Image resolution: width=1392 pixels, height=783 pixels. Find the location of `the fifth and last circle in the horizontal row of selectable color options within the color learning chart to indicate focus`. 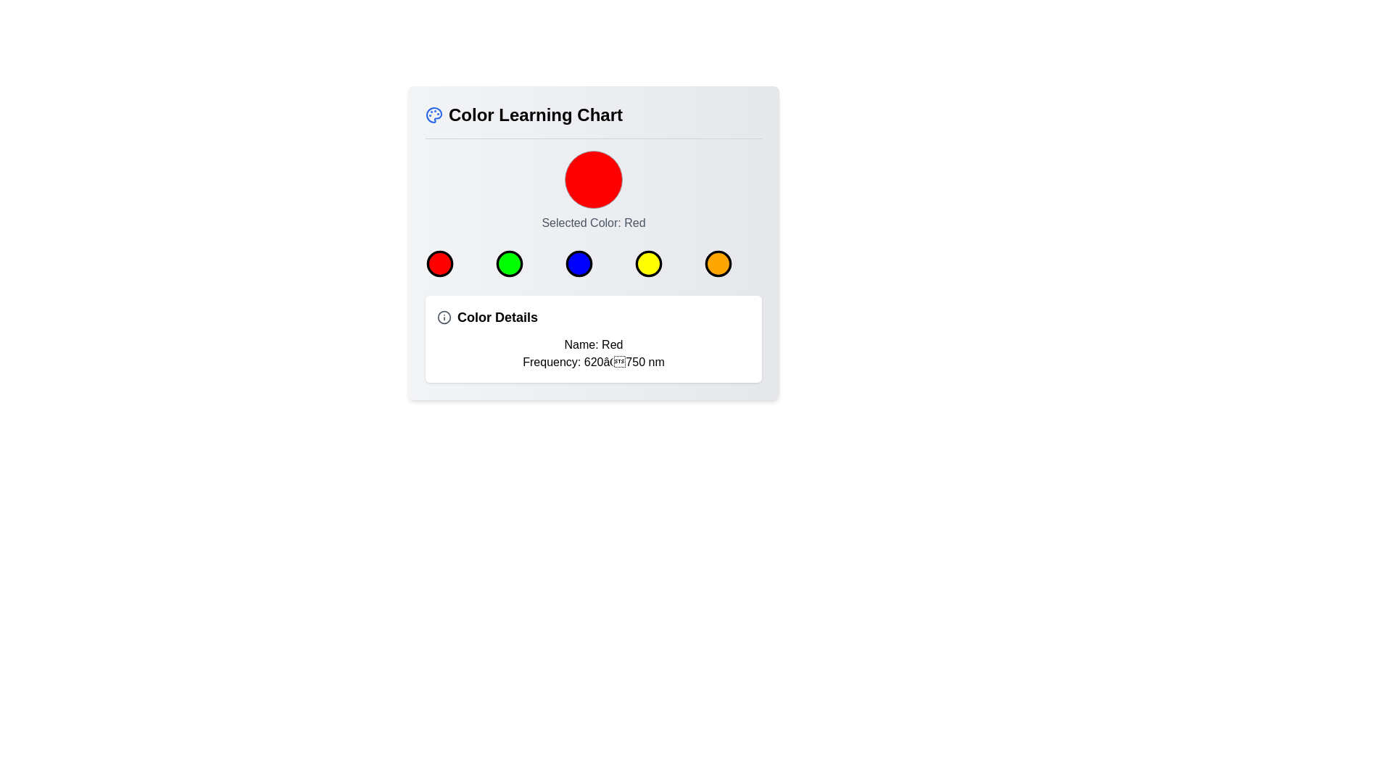

the fifth and last circle in the horizontal row of selectable color options within the color learning chart to indicate focus is located at coordinates (718, 263).